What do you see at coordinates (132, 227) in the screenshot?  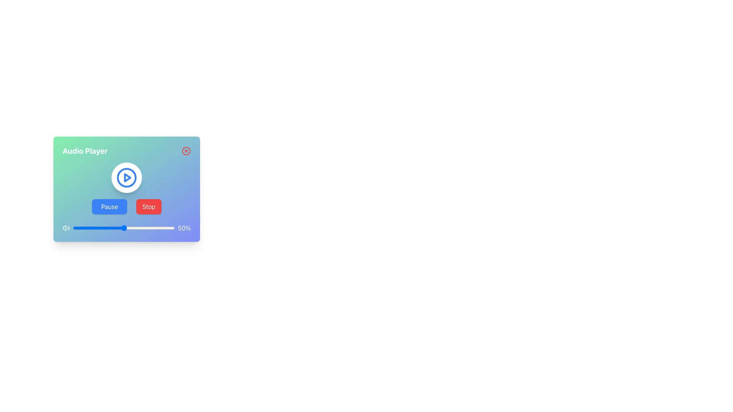 I see `the slider` at bounding box center [132, 227].